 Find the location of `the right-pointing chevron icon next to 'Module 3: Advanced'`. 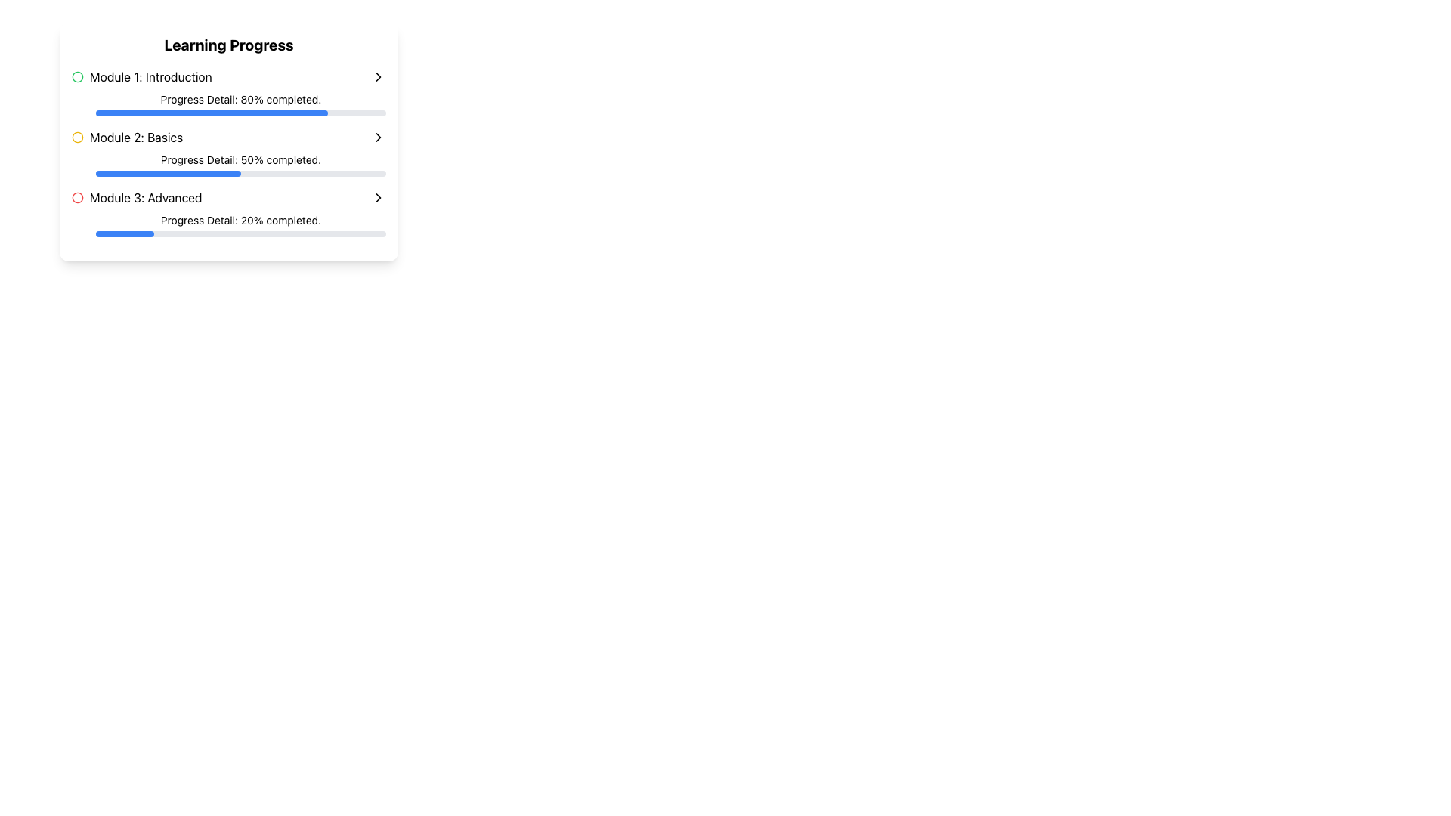

the right-pointing chevron icon next to 'Module 3: Advanced' is located at coordinates (378, 197).